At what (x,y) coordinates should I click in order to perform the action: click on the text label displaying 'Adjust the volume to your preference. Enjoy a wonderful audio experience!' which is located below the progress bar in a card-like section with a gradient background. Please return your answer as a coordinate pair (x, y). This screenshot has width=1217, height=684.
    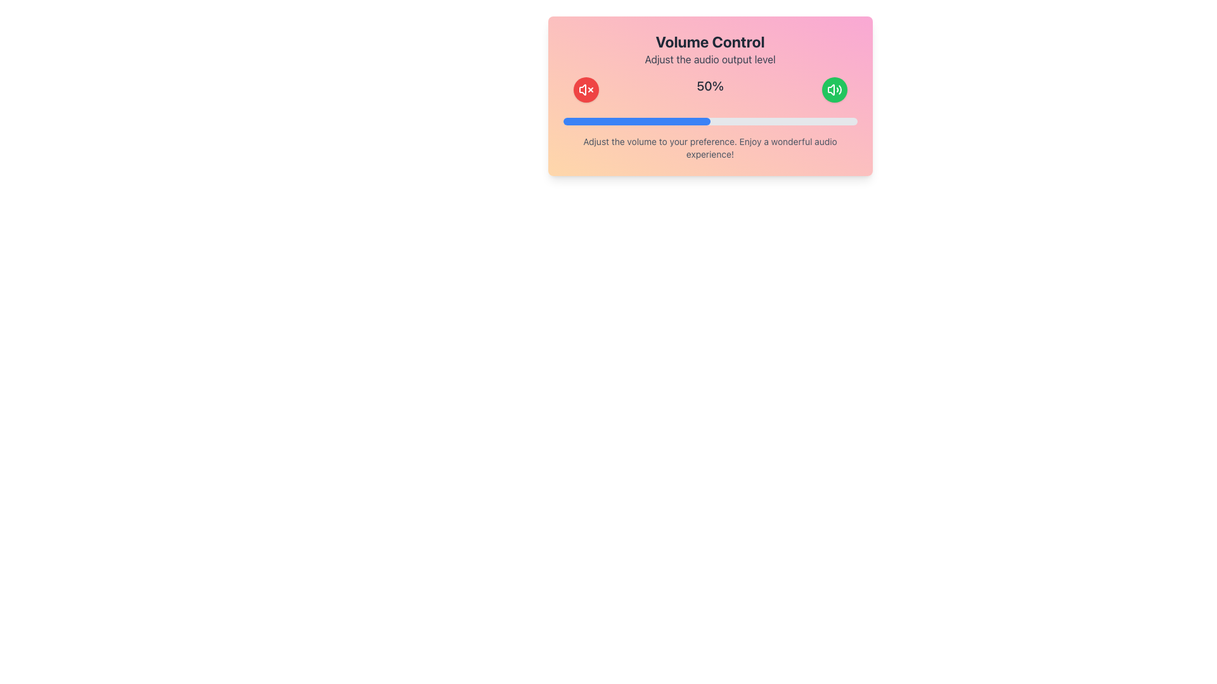
    Looking at the image, I should click on (710, 142).